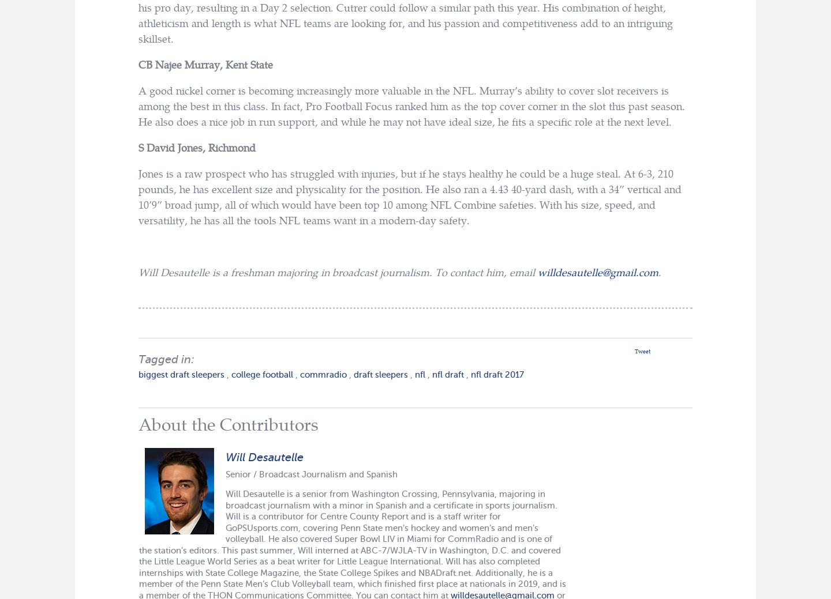  What do you see at coordinates (338, 271) in the screenshot?
I see `'Will Desautelle is a freshman majoring in broadcast journalism. To contact him, email'` at bounding box center [338, 271].